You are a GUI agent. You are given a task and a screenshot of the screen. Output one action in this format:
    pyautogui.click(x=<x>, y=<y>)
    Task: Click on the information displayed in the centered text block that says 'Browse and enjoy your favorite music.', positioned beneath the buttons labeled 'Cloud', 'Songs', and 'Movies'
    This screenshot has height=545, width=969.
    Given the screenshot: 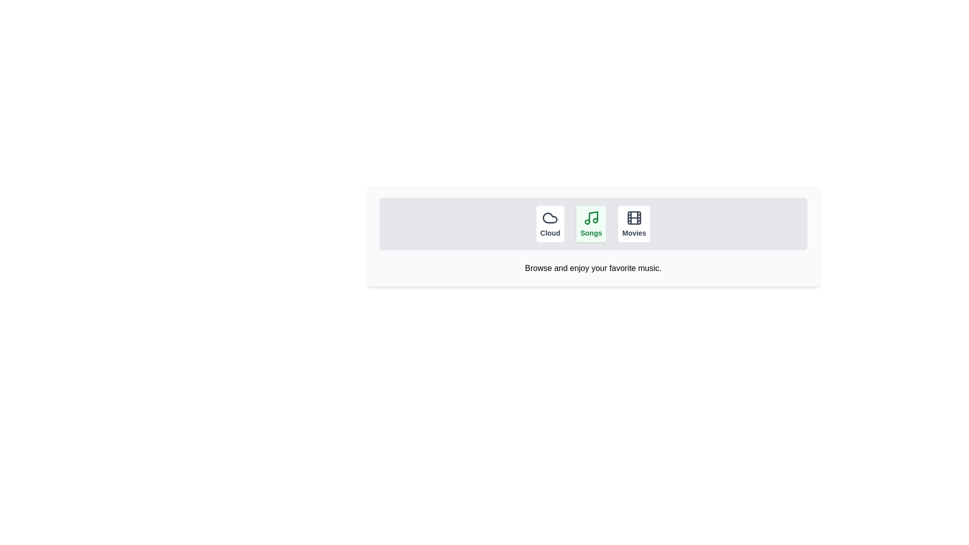 What is the action you would take?
    pyautogui.click(x=593, y=268)
    